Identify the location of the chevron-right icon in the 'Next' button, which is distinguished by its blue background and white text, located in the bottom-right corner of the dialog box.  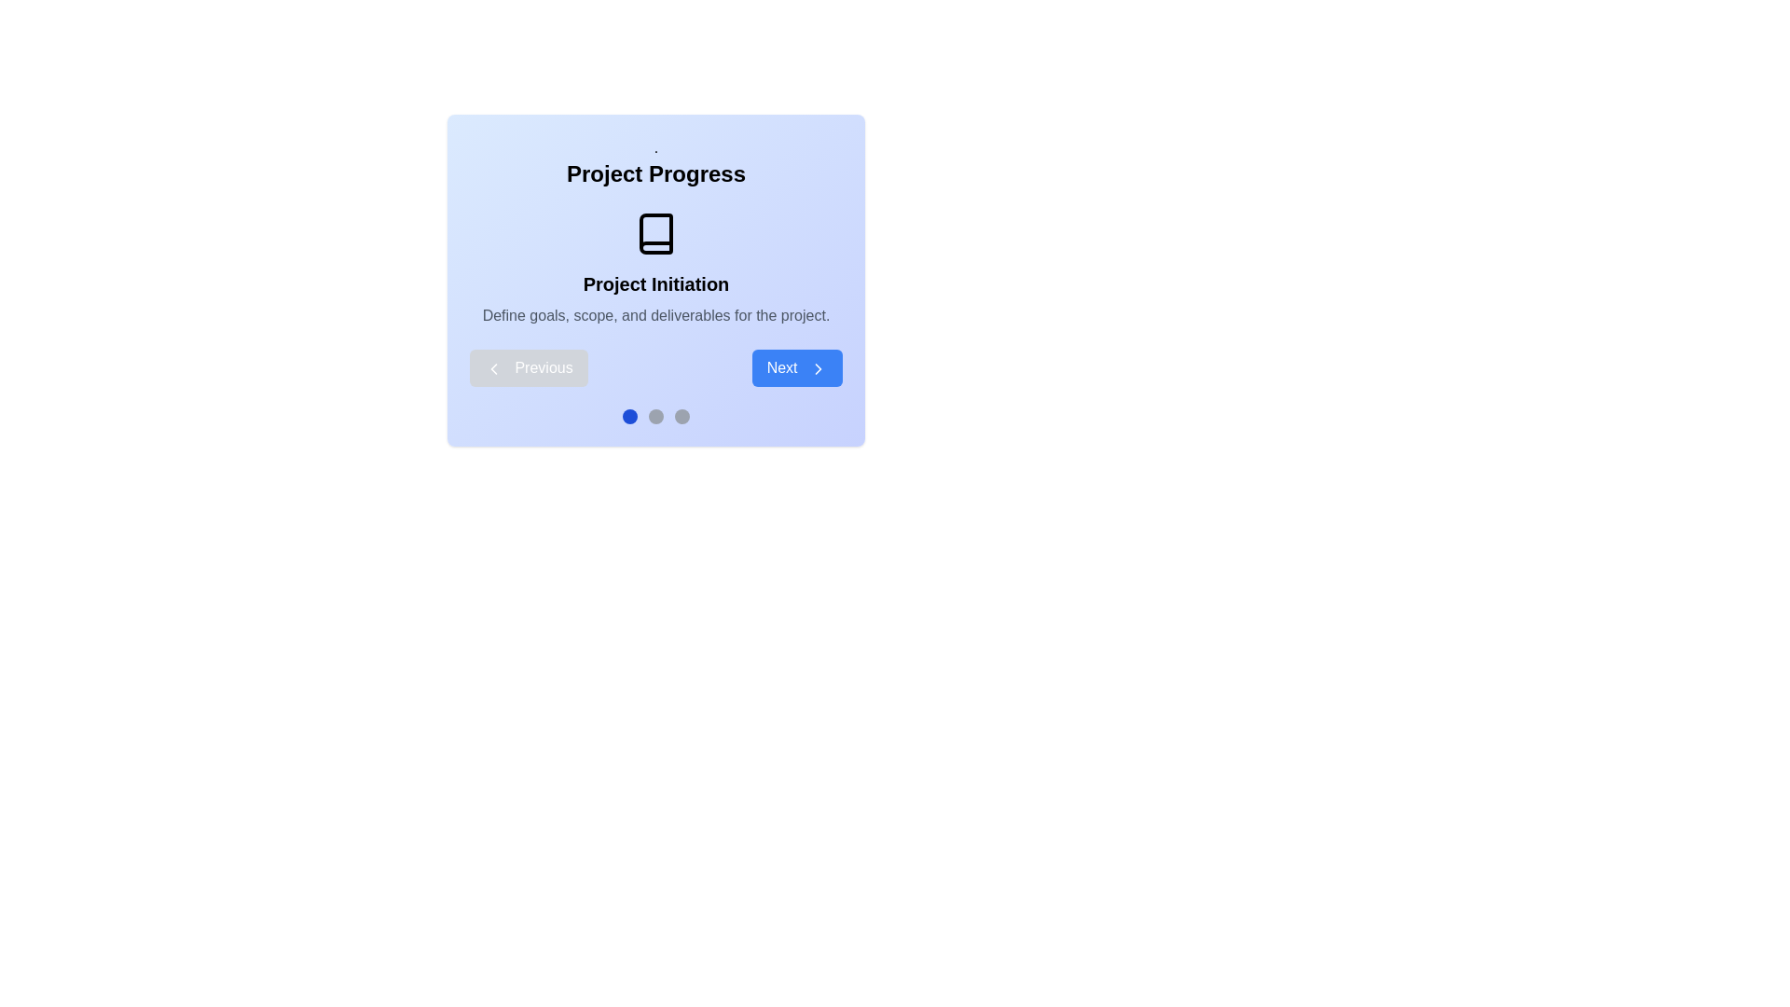
(819, 367).